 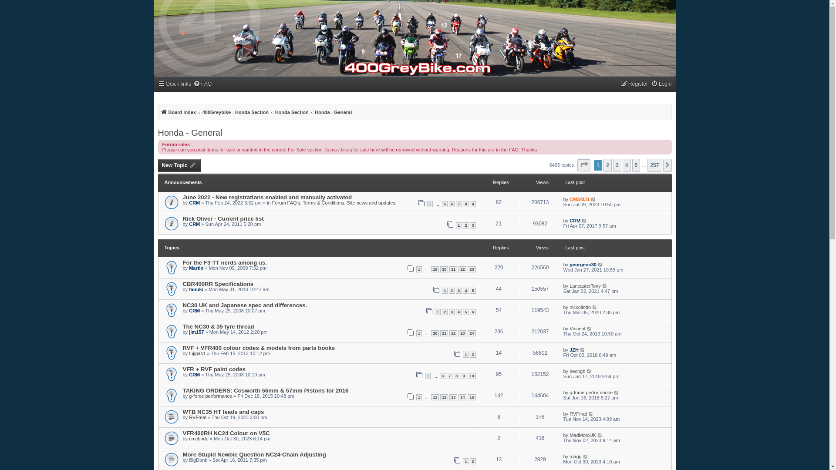 What do you see at coordinates (604, 285) in the screenshot?
I see `'Go to last post'` at bounding box center [604, 285].